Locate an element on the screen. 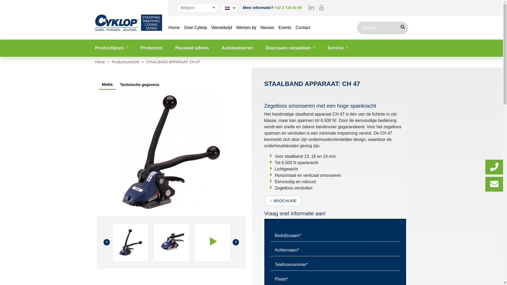 The height and width of the screenshot is (285, 507). 'Home' is located at coordinates (100, 61).